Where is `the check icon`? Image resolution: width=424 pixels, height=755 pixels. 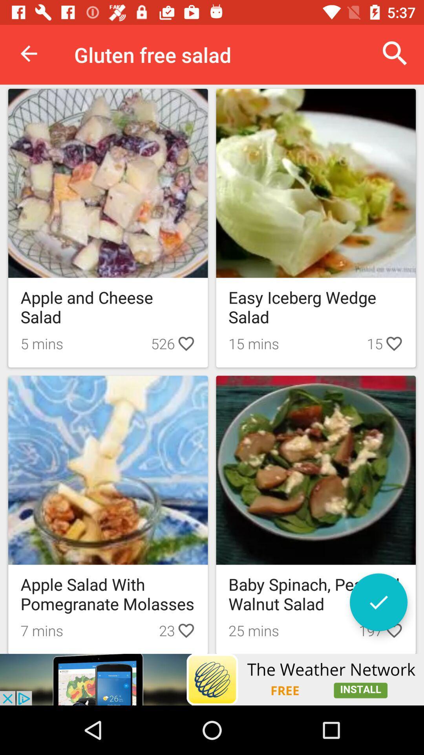
the check icon is located at coordinates (378, 602).